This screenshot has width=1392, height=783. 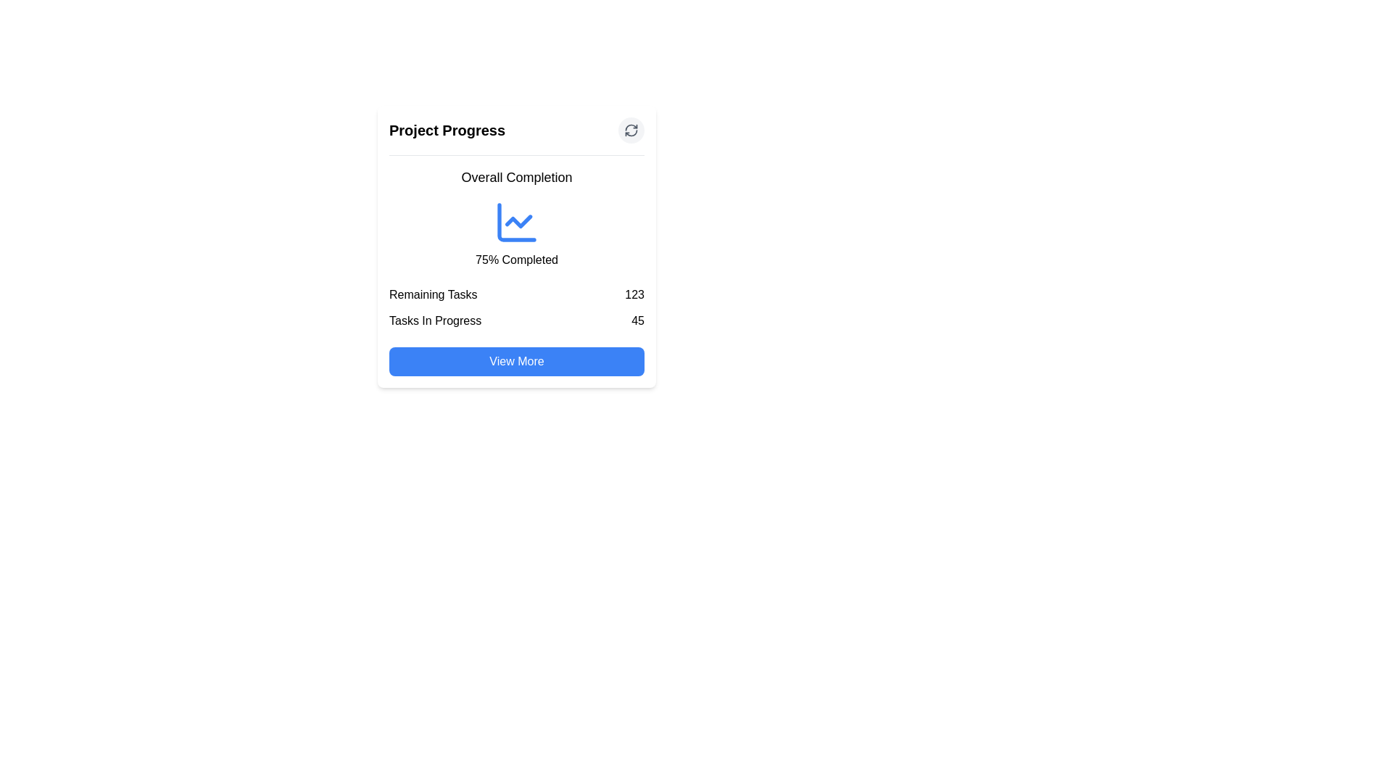 What do you see at coordinates (517, 360) in the screenshot?
I see `the call-to-action button located at the bottom of the card` at bounding box center [517, 360].